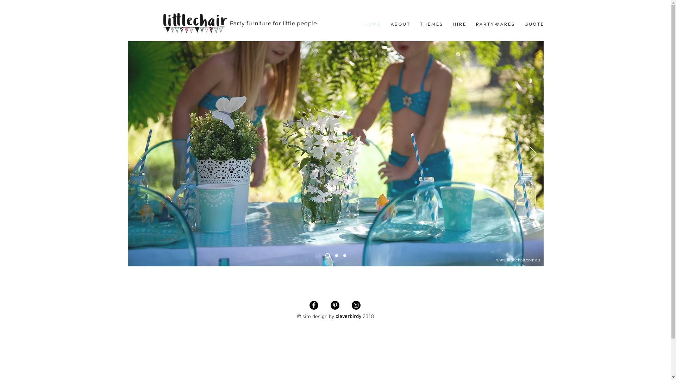 This screenshot has height=380, width=676. I want to click on 'A B O U T', so click(400, 24).